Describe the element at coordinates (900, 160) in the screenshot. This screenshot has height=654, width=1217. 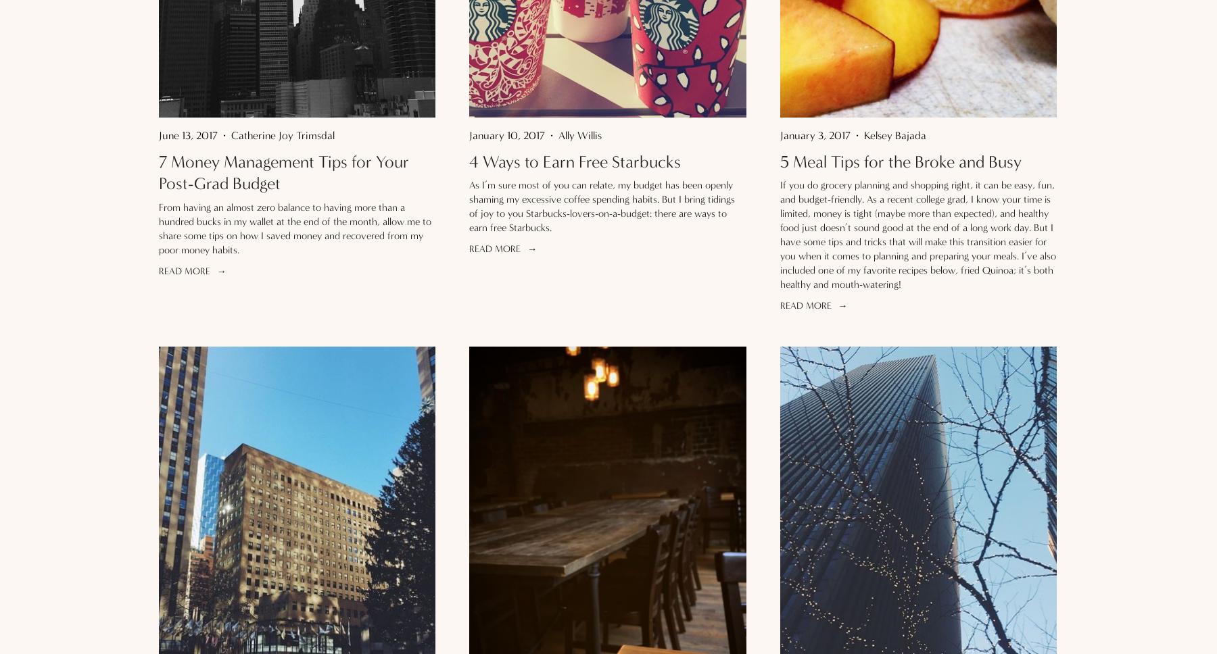
I see `'5 Meal Tips for the Broke and Busy'` at that location.